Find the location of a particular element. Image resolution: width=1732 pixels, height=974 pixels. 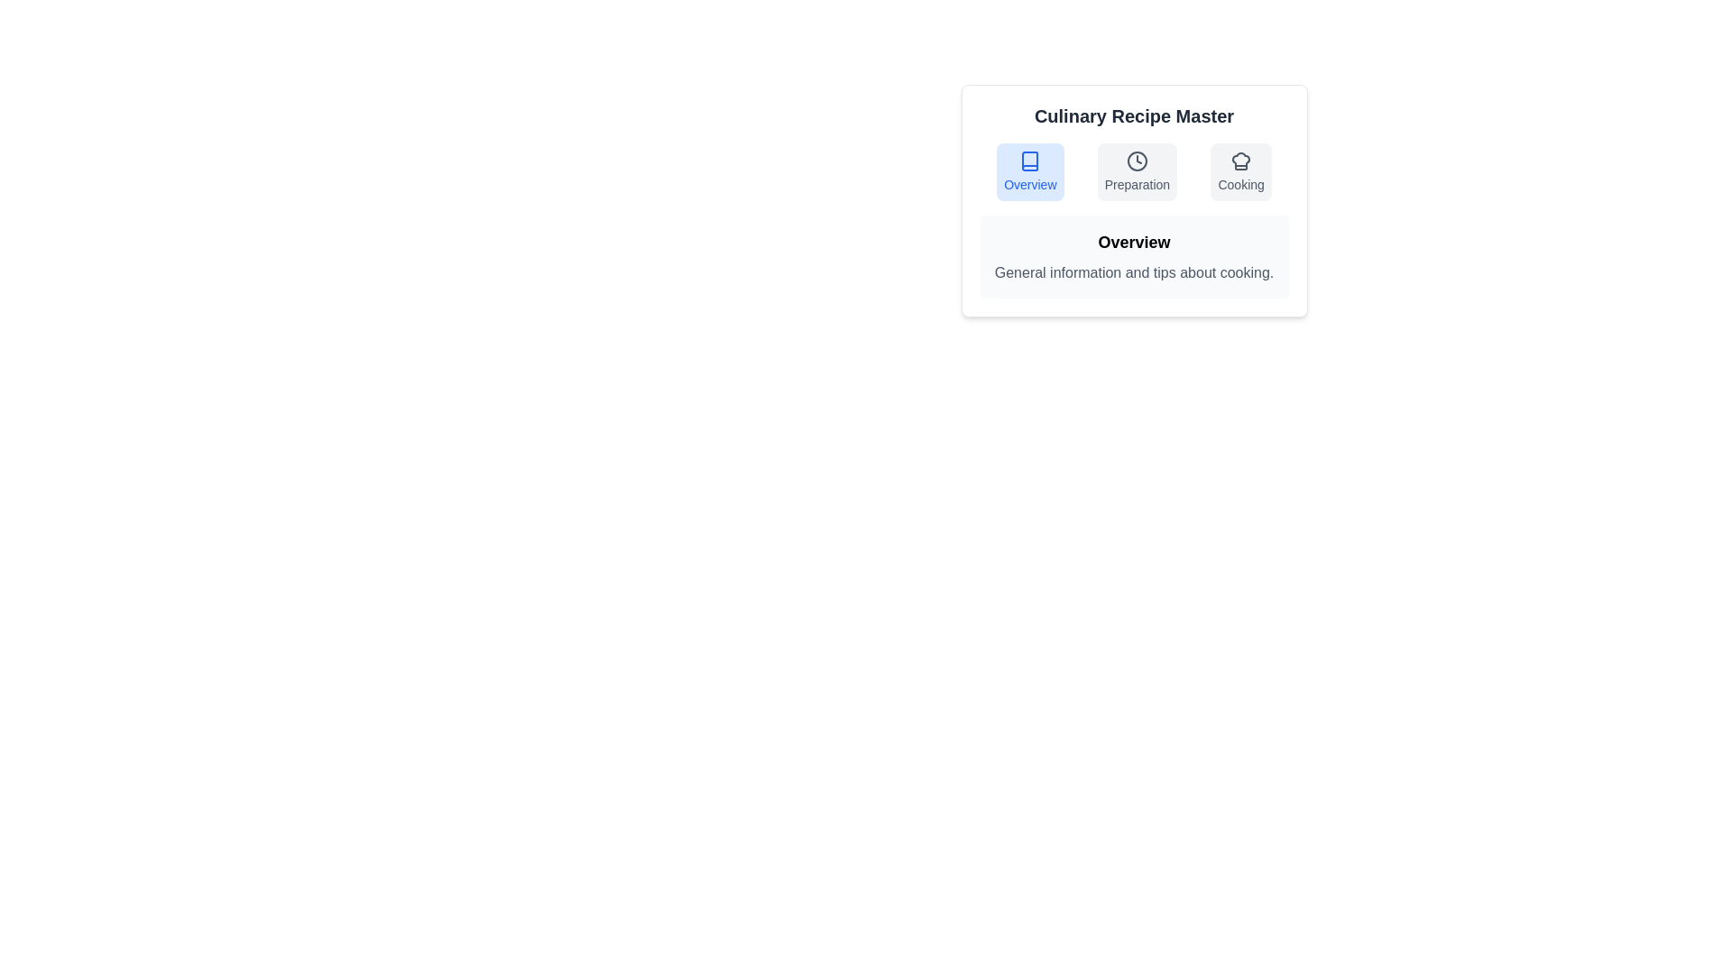

the tab labeled Overview to view its content is located at coordinates (1030, 172).